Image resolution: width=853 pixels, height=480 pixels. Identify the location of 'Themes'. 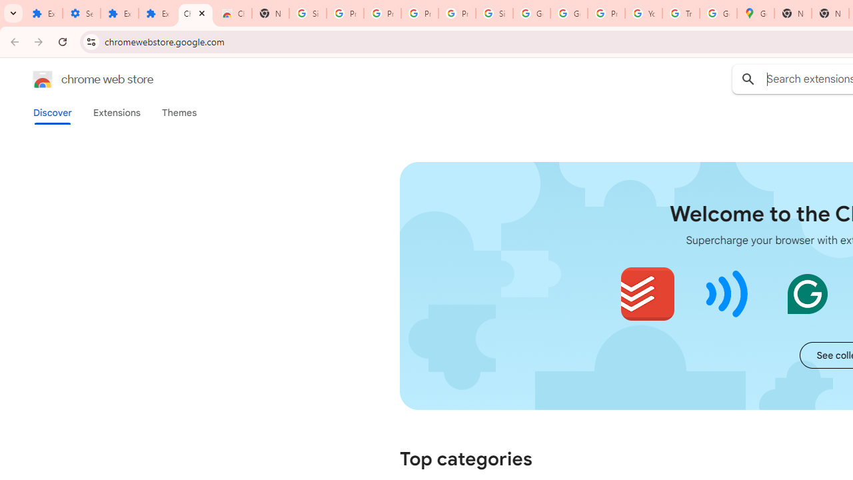
(179, 112).